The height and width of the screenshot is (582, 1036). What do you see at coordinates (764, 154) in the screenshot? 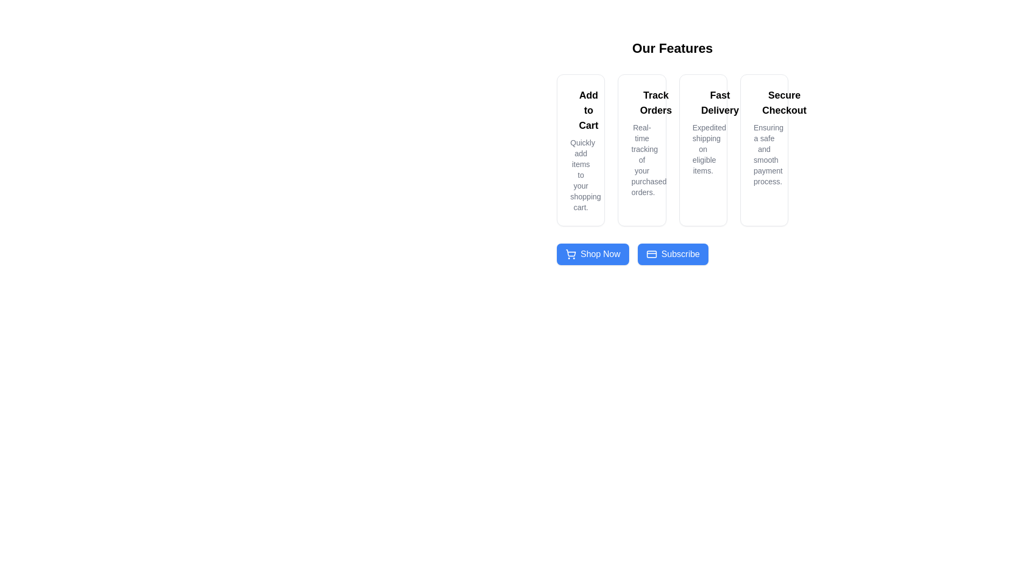
I see `the static text displaying 'Ensuring a safe and smooth payment process.' located in the 'Secure Checkout' section` at bounding box center [764, 154].